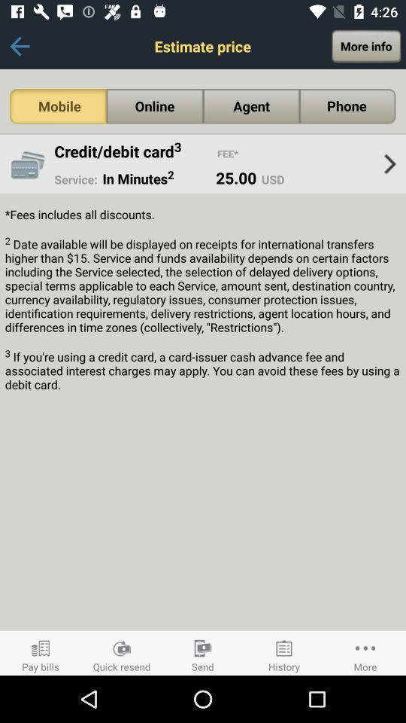  I want to click on the item next to fee*, so click(135, 151).